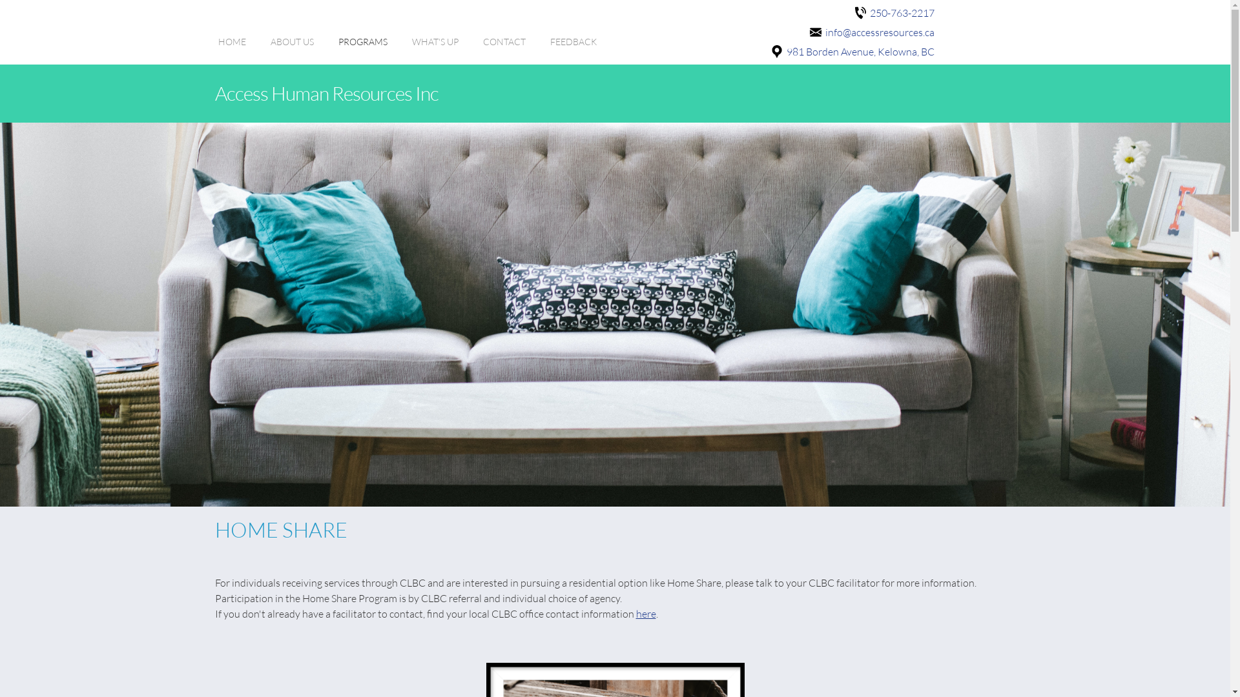 The height and width of the screenshot is (697, 1240). I want to click on 'info@accessresources.ca', so click(876, 32).